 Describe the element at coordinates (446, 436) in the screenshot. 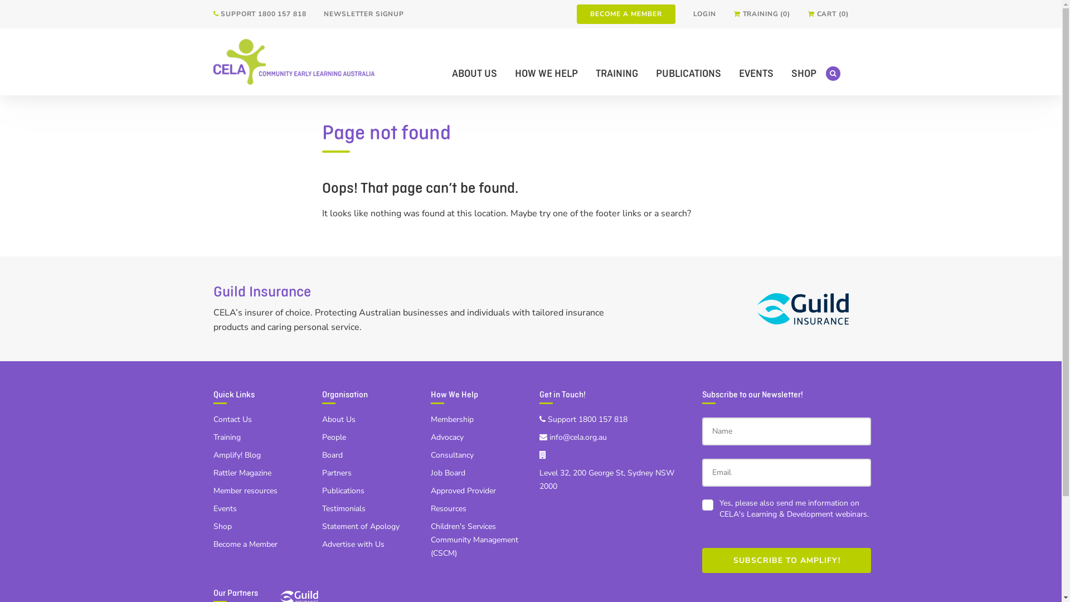

I see `'Advocacy'` at that location.